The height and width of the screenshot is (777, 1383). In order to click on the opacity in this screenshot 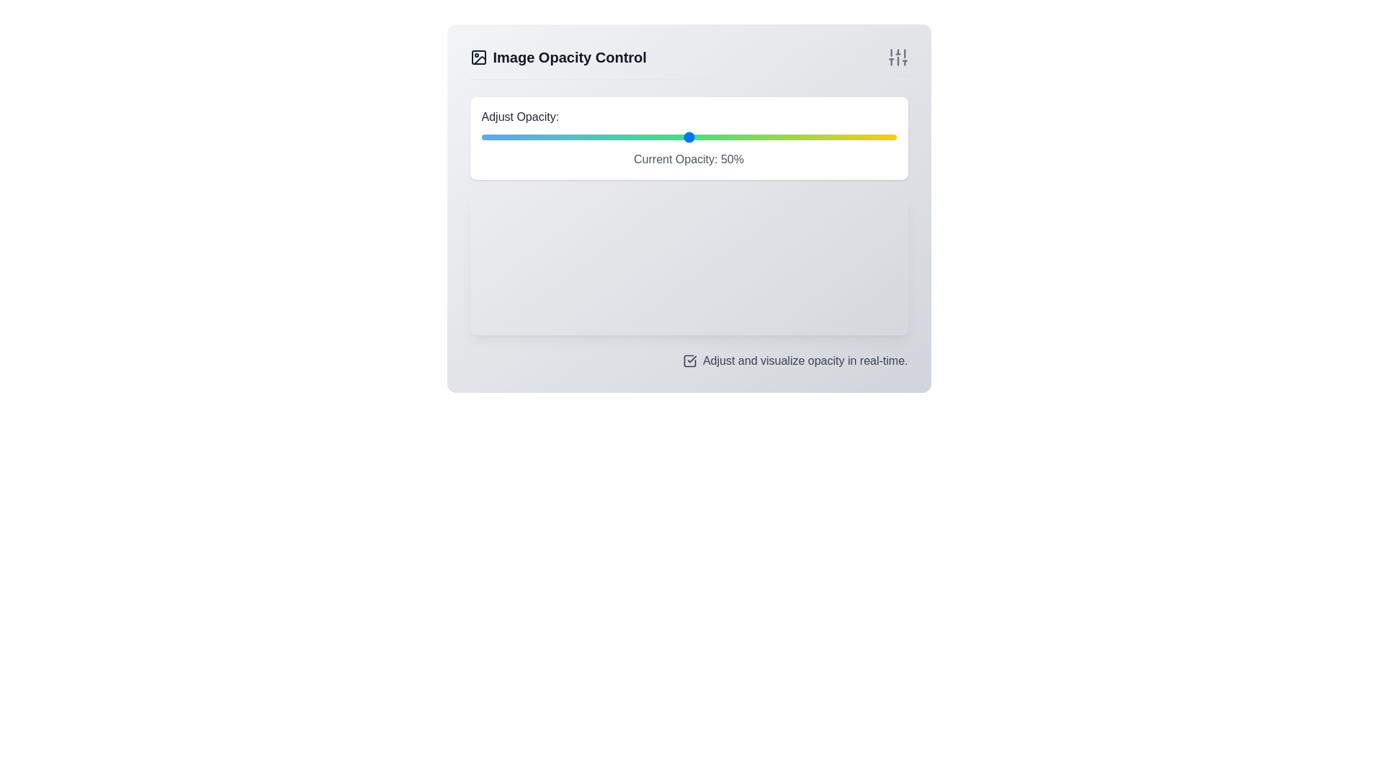, I will do `click(771, 137)`.